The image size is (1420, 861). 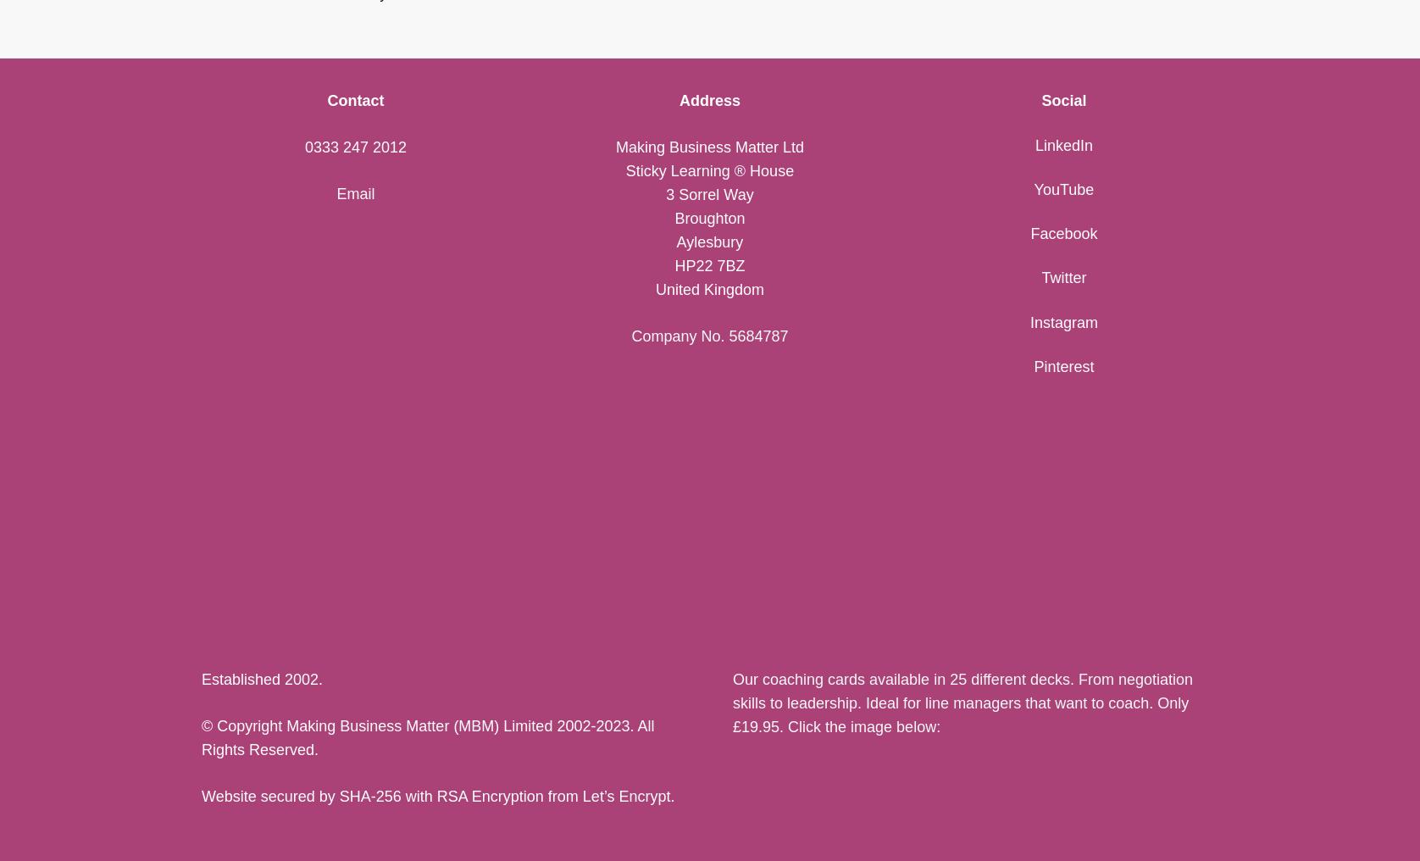 What do you see at coordinates (355, 99) in the screenshot?
I see `'Contact'` at bounding box center [355, 99].